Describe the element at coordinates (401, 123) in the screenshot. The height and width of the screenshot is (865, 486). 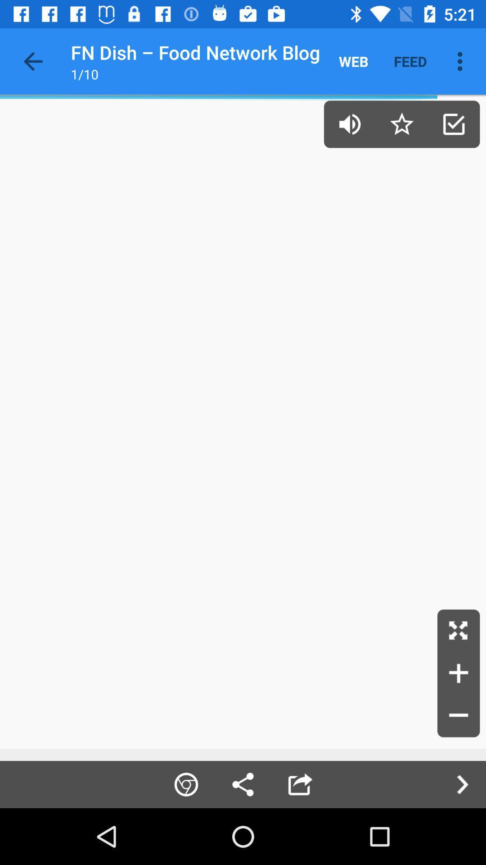
I see `bookmark page` at that location.